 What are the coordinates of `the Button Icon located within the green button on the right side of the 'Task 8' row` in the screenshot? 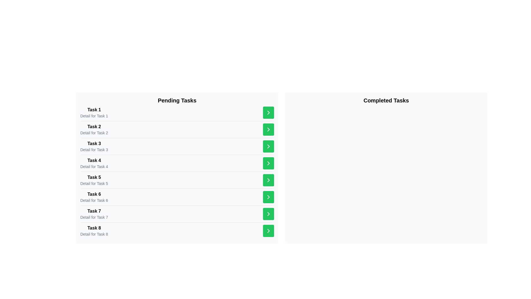 It's located at (268, 213).